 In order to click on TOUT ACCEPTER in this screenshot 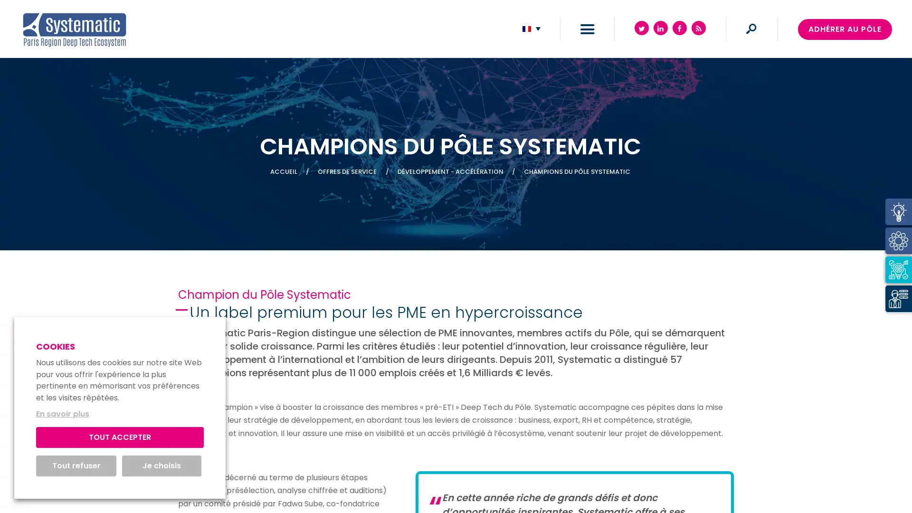, I will do `click(119, 437)`.